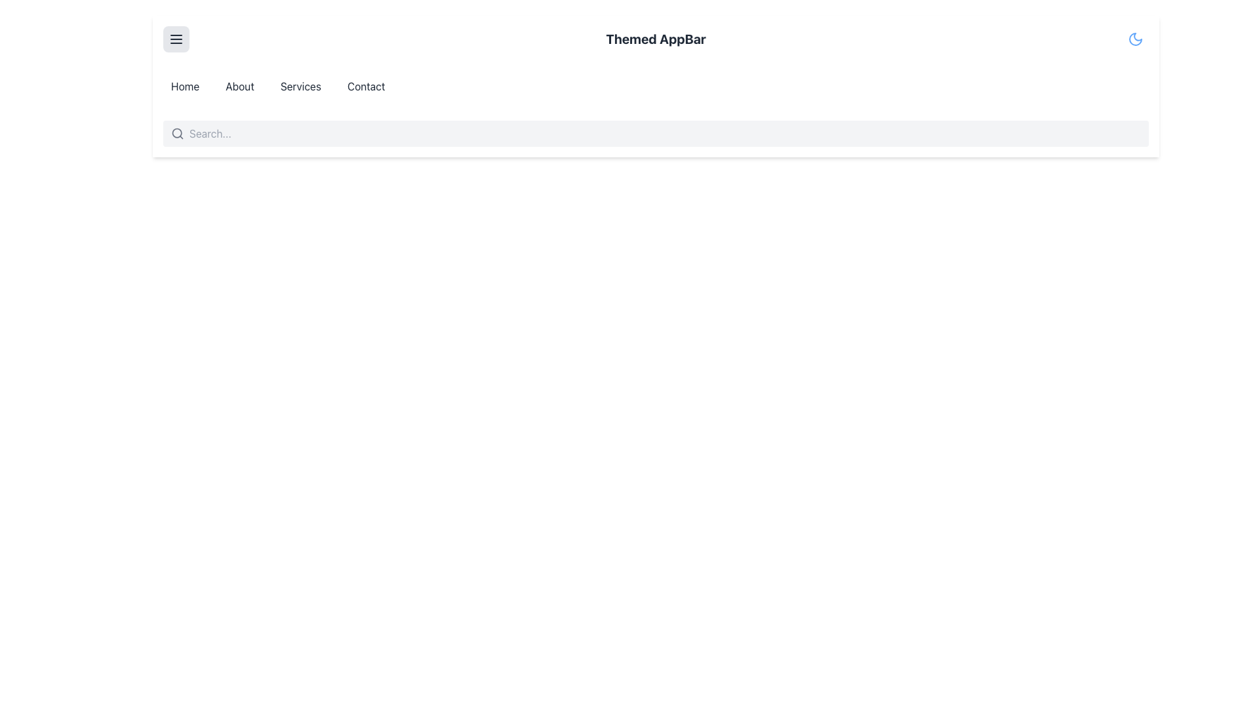  What do you see at coordinates (300, 86) in the screenshot?
I see `the third button in the navigation menu` at bounding box center [300, 86].